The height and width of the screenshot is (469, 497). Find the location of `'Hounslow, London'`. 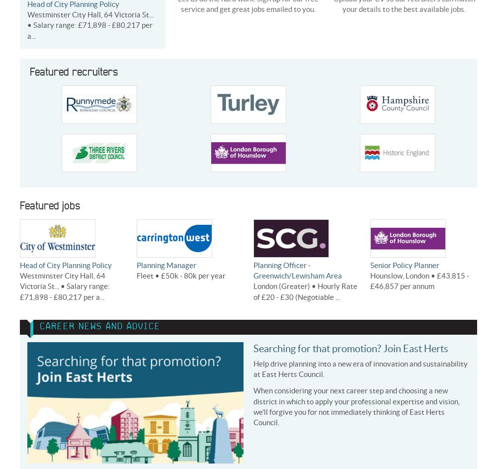

'Hounslow, London' is located at coordinates (400, 276).